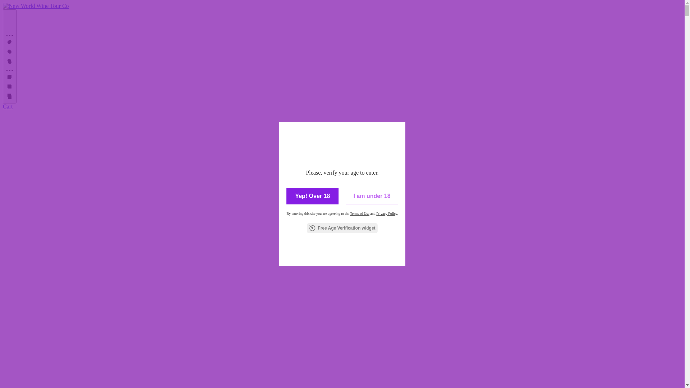 This screenshot has height=388, width=690. What do you see at coordinates (372, 196) in the screenshot?
I see `'I am under 18'` at bounding box center [372, 196].